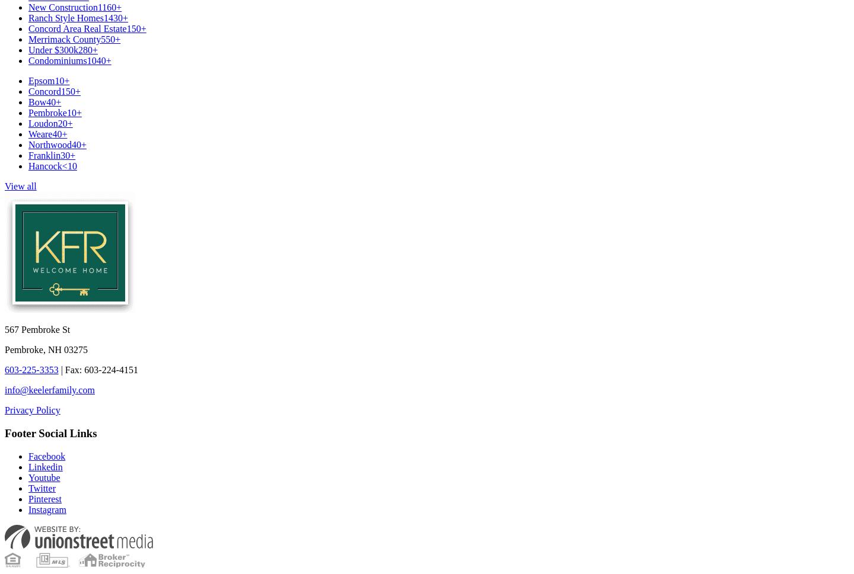  I want to click on 'Privacy Policy', so click(31, 409).